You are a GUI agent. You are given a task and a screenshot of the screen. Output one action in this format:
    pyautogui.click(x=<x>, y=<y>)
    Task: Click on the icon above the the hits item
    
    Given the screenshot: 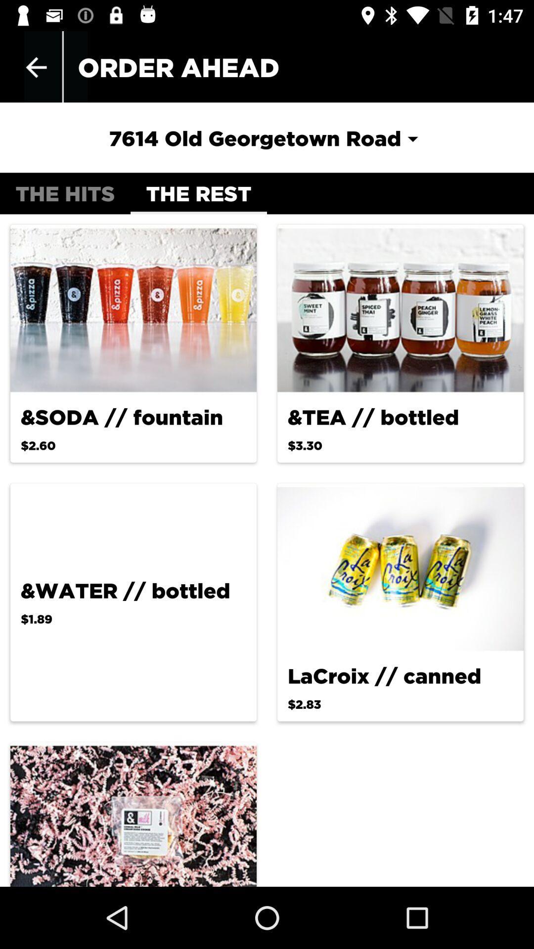 What is the action you would take?
    pyautogui.click(x=266, y=137)
    